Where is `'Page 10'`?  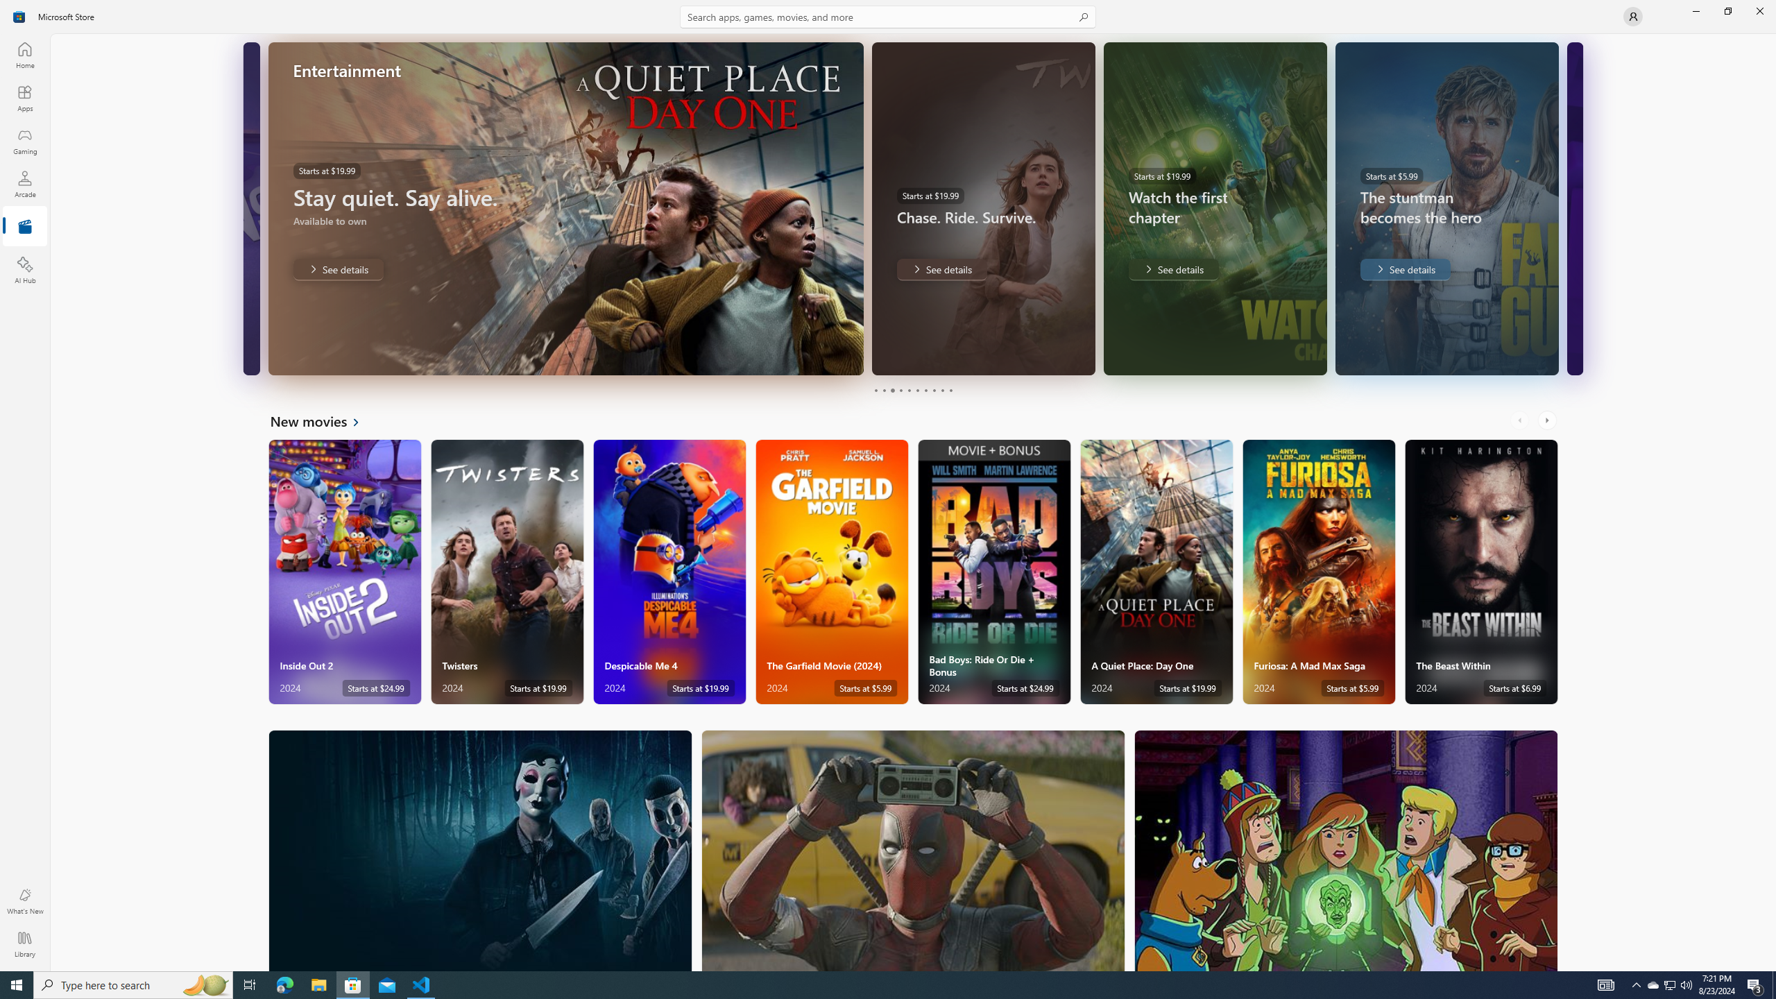 'Page 10' is located at coordinates (950, 390).